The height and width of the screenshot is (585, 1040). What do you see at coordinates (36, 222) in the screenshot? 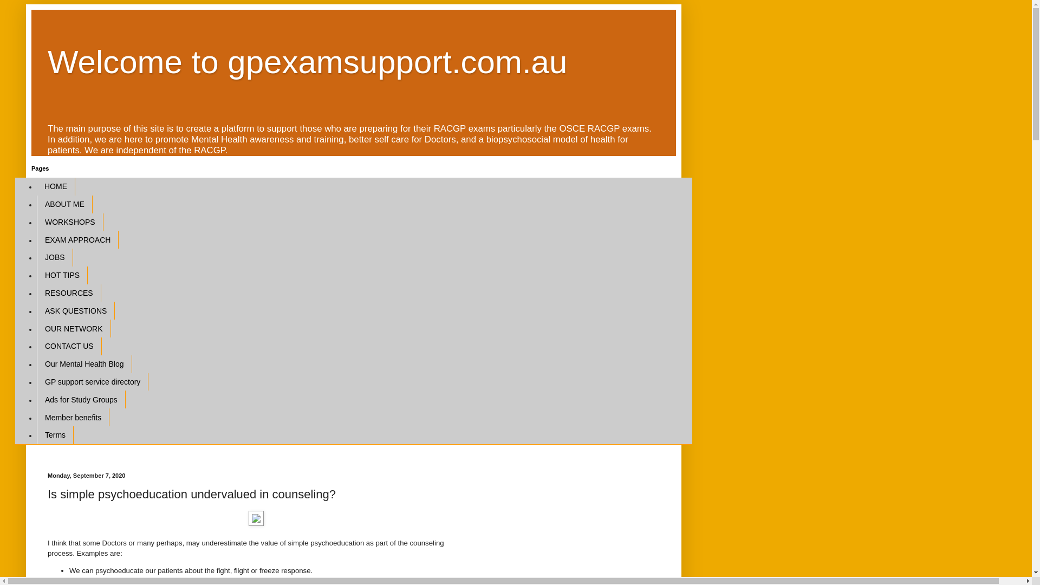
I see `'WORKSHOPS'` at bounding box center [36, 222].